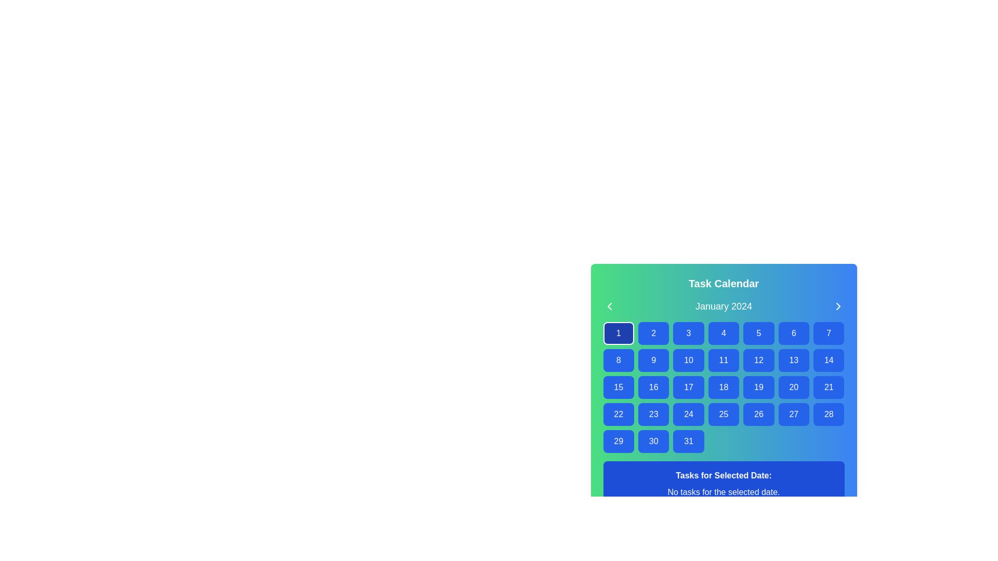 Image resolution: width=998 pixels, height=561 pixels. I want to click on text label displaying 'Tasks for Selected Date:' which is prominently styled in bold white font against a blue background, located at the center towards the bottom of the interface, so click(723, 475).